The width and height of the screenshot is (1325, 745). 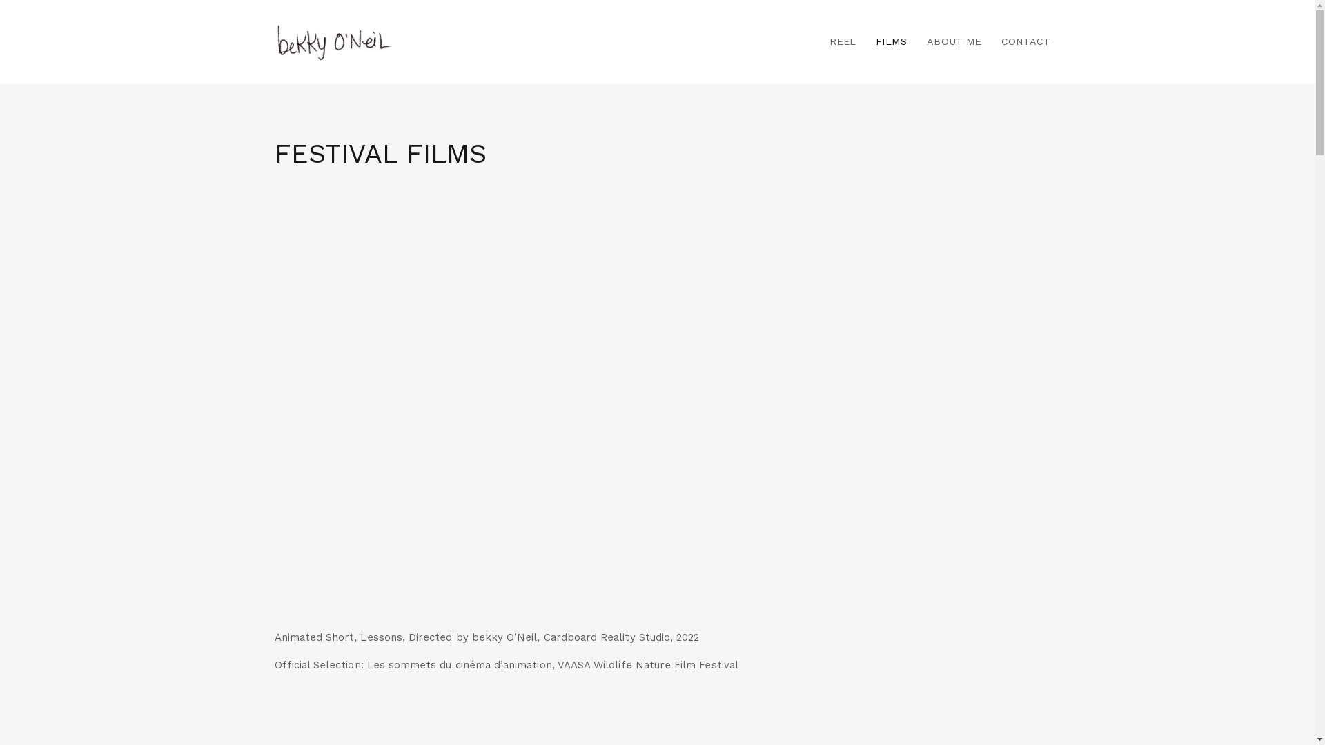 What do you see at coordinates (1020, 41) in the screenshot?
I see `'CONTACT'` at bounding box center [1020, 41].